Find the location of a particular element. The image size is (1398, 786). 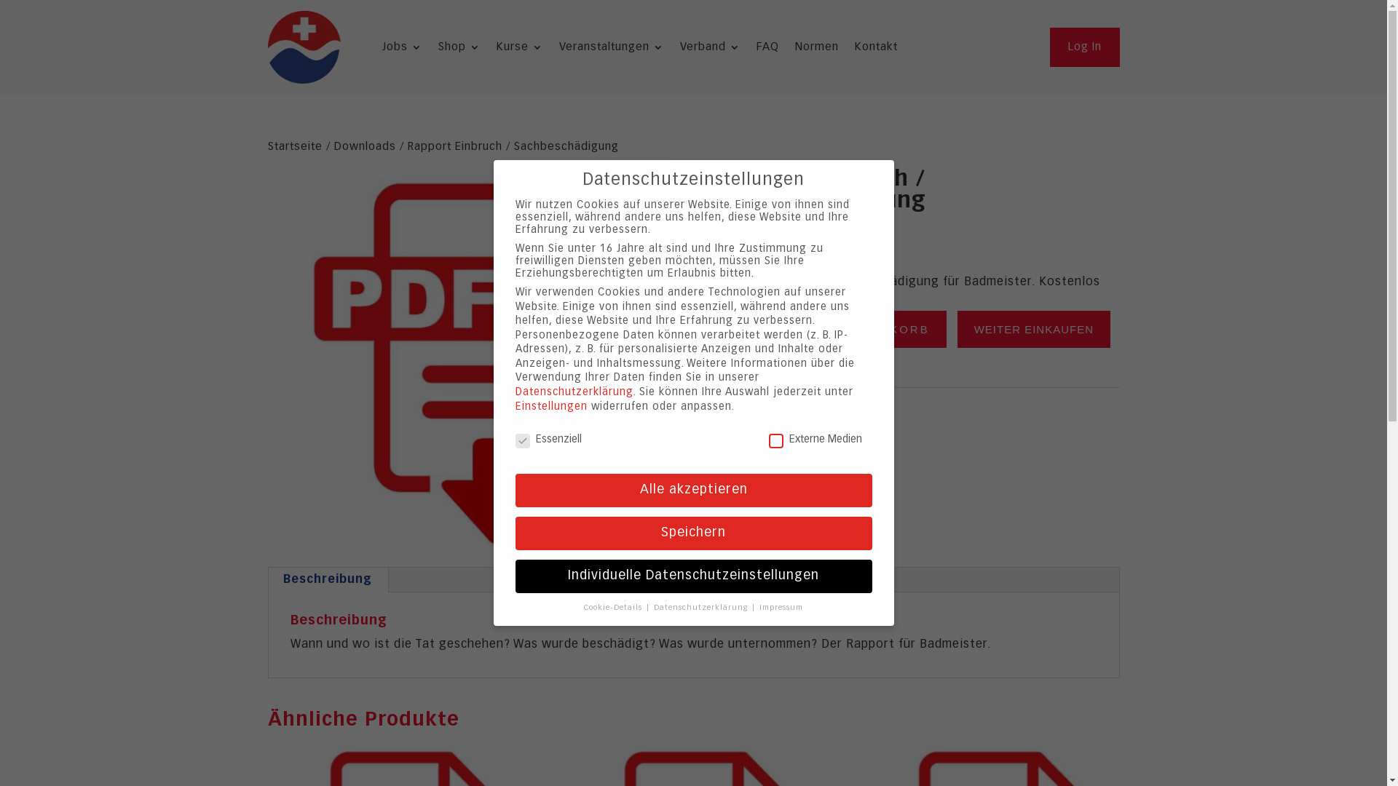

'Beschreibung' is located at coordinates (326, 579).